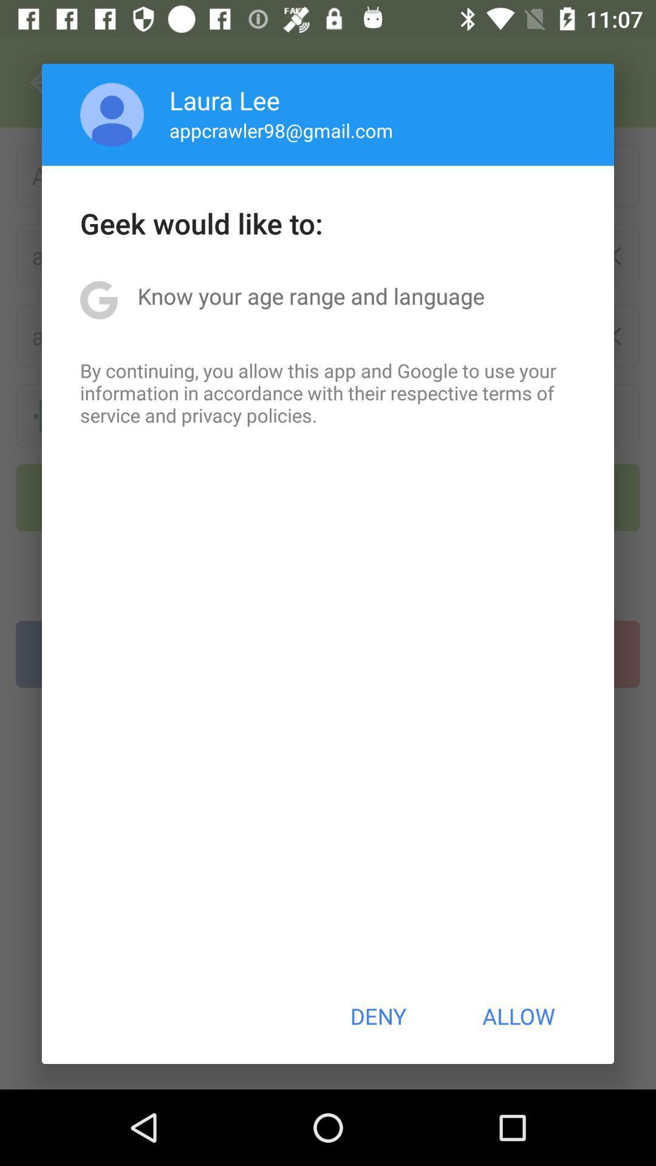 Image resolution: width=656 pixels, height=1166 pixels. I want to click on app below laura lee item, so click(281, 130).